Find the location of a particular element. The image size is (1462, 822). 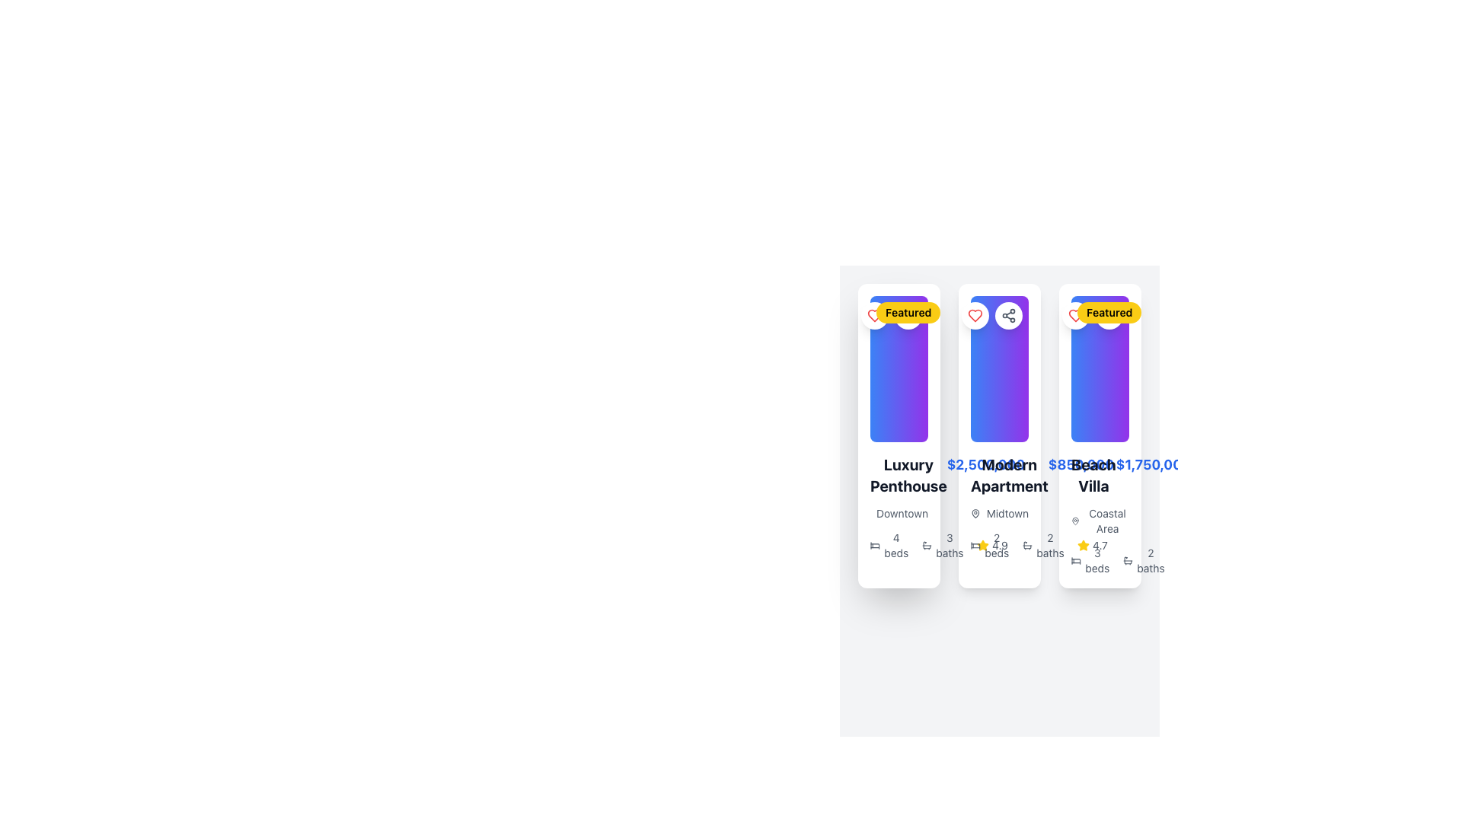

text label displaying '4 beds', which is styled in a neutral color and positioned to the right of a bed icon, as part of the property feature list below the title 'Luxury Penthouse' is located at coordinates (896, 545).